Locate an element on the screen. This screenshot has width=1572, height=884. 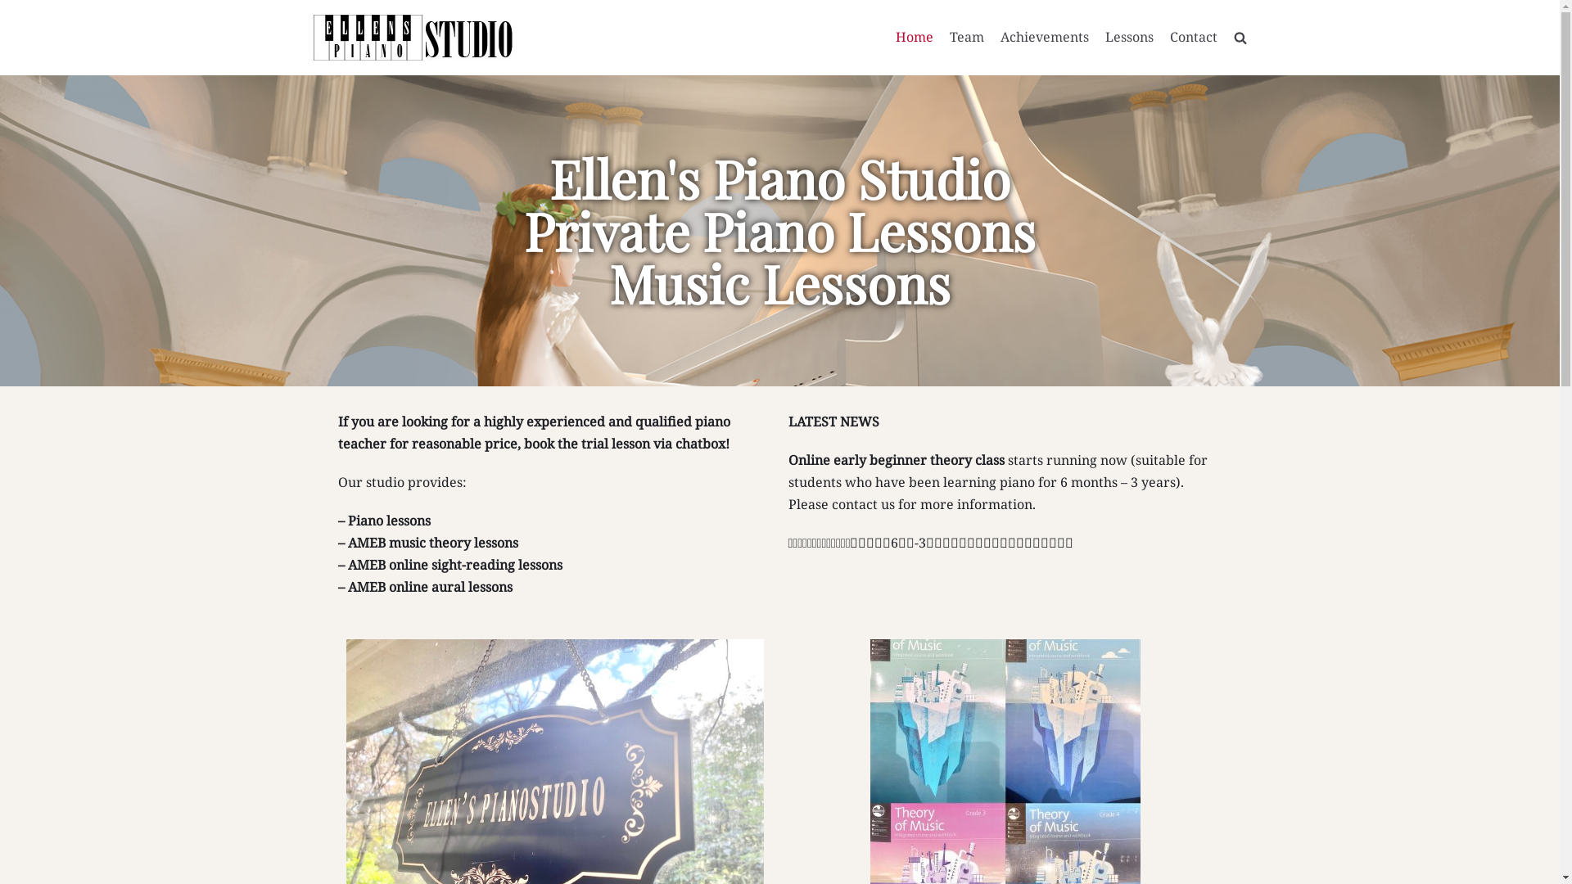
'Contact' is located at coordinates (1193, 37).